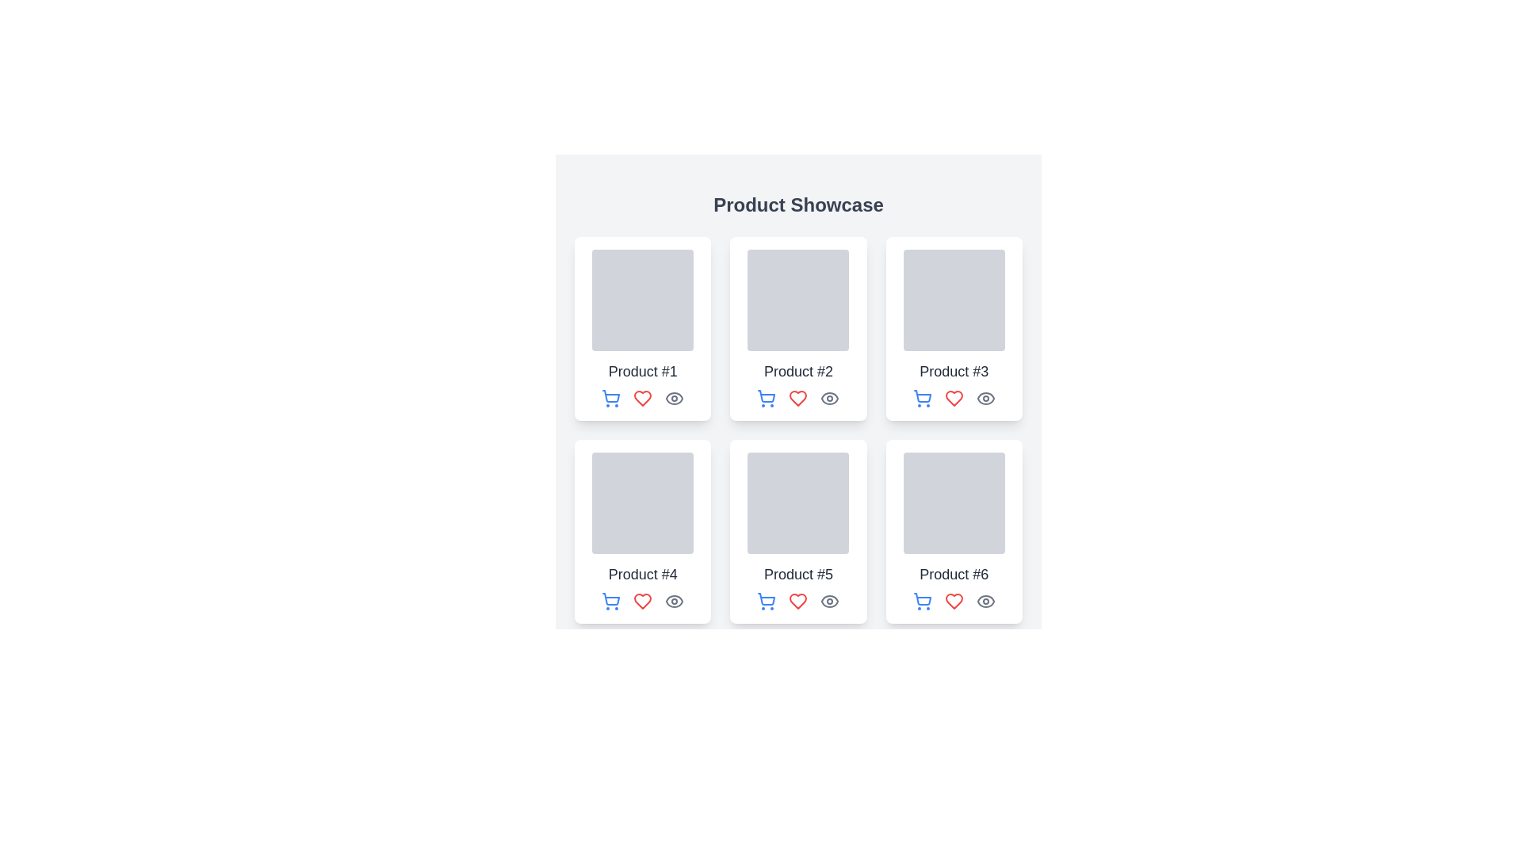 The image size is (1522, 856). What do you see at coordinates (953, 397) in the screenshot?
I see `the favorite icon button, which is the second icon in the horizontal set under the card of 'Product #3'` at bounding box center [953, 397].